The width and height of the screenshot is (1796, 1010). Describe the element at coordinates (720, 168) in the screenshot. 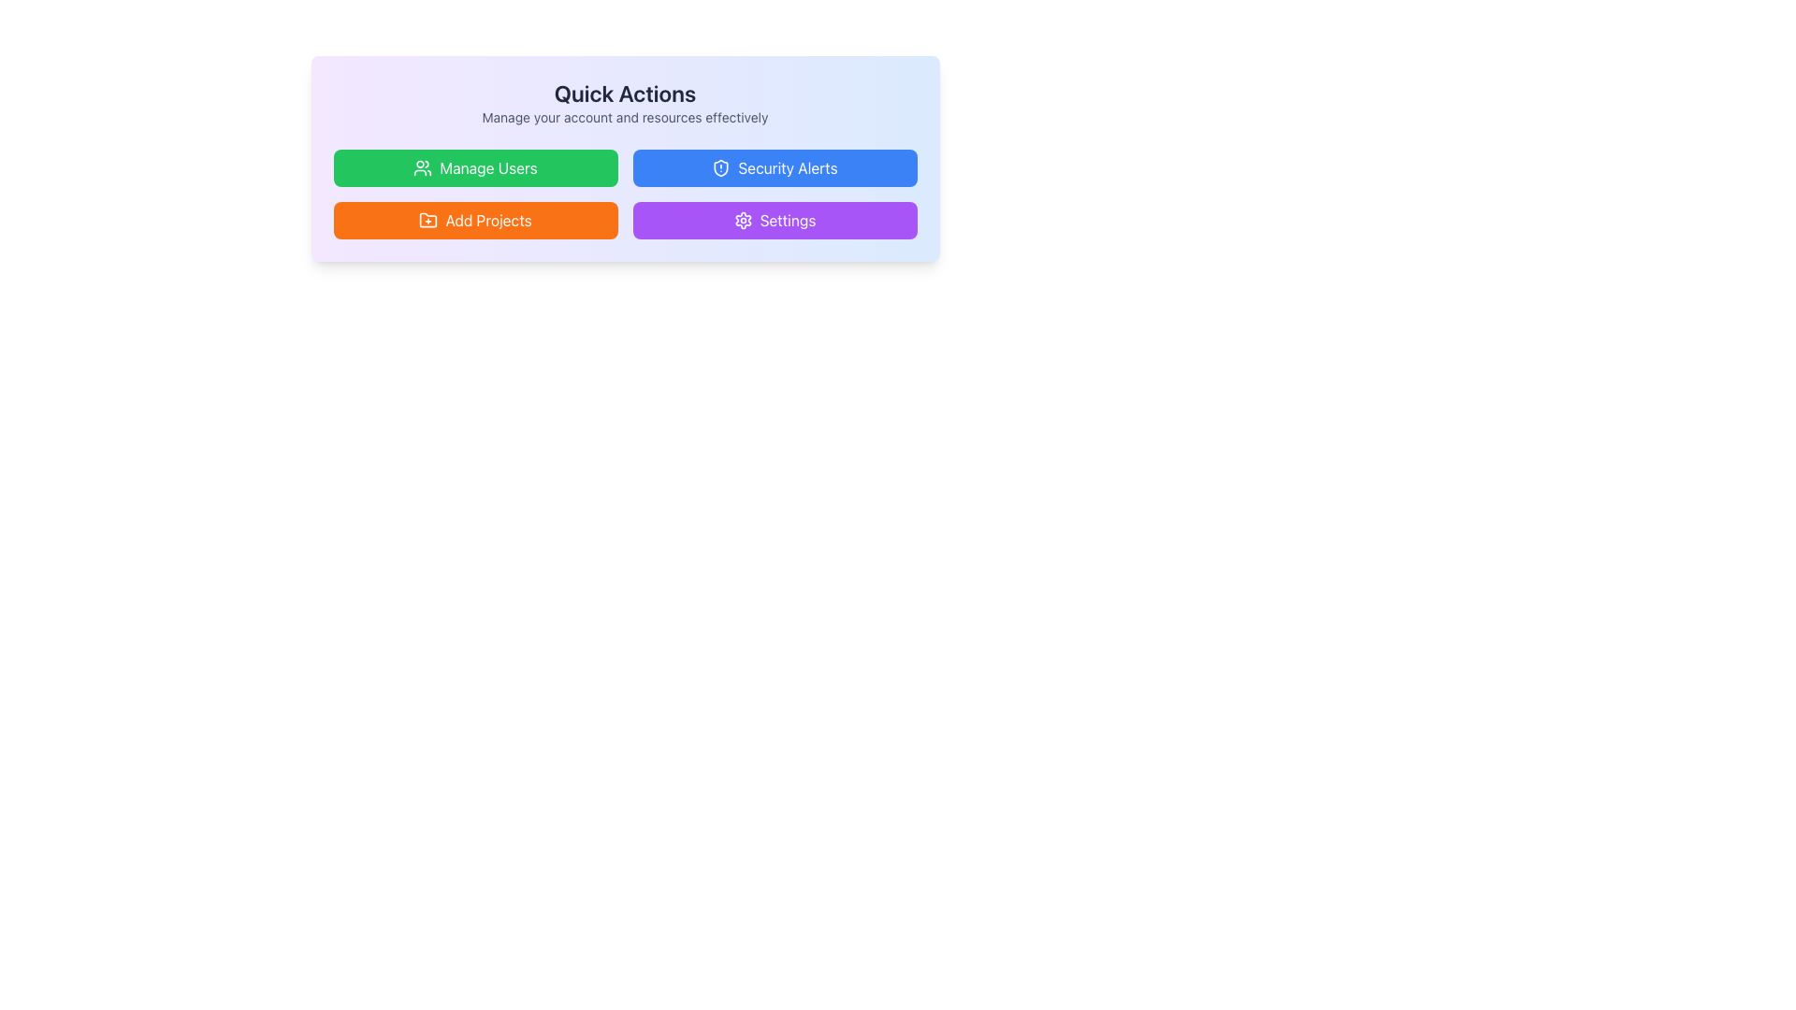

I see `the shield icon with an alert symbol, which is part of the 'Security Alerts' button located in the 'Quick Actions' section` at that location.